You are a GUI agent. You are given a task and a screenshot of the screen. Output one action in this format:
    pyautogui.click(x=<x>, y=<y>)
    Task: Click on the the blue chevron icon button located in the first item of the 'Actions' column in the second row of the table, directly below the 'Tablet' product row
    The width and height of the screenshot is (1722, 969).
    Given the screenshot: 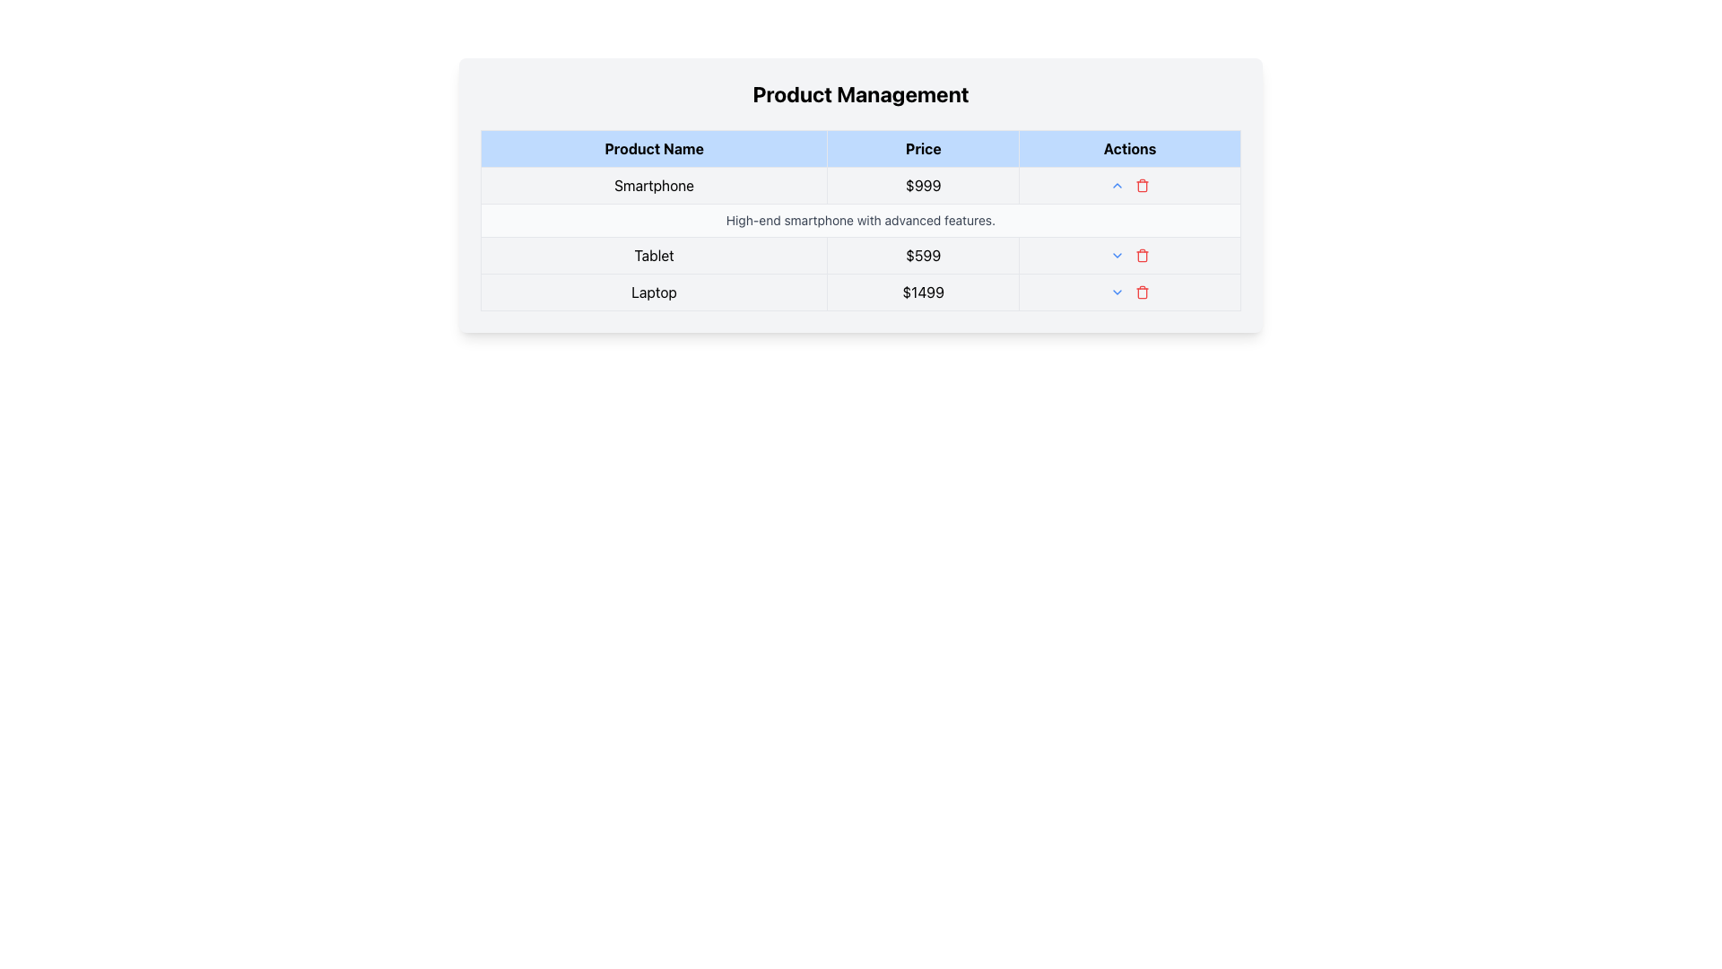 What is the action you would take?
    pyautogui.click(x=1117, y=256)
    